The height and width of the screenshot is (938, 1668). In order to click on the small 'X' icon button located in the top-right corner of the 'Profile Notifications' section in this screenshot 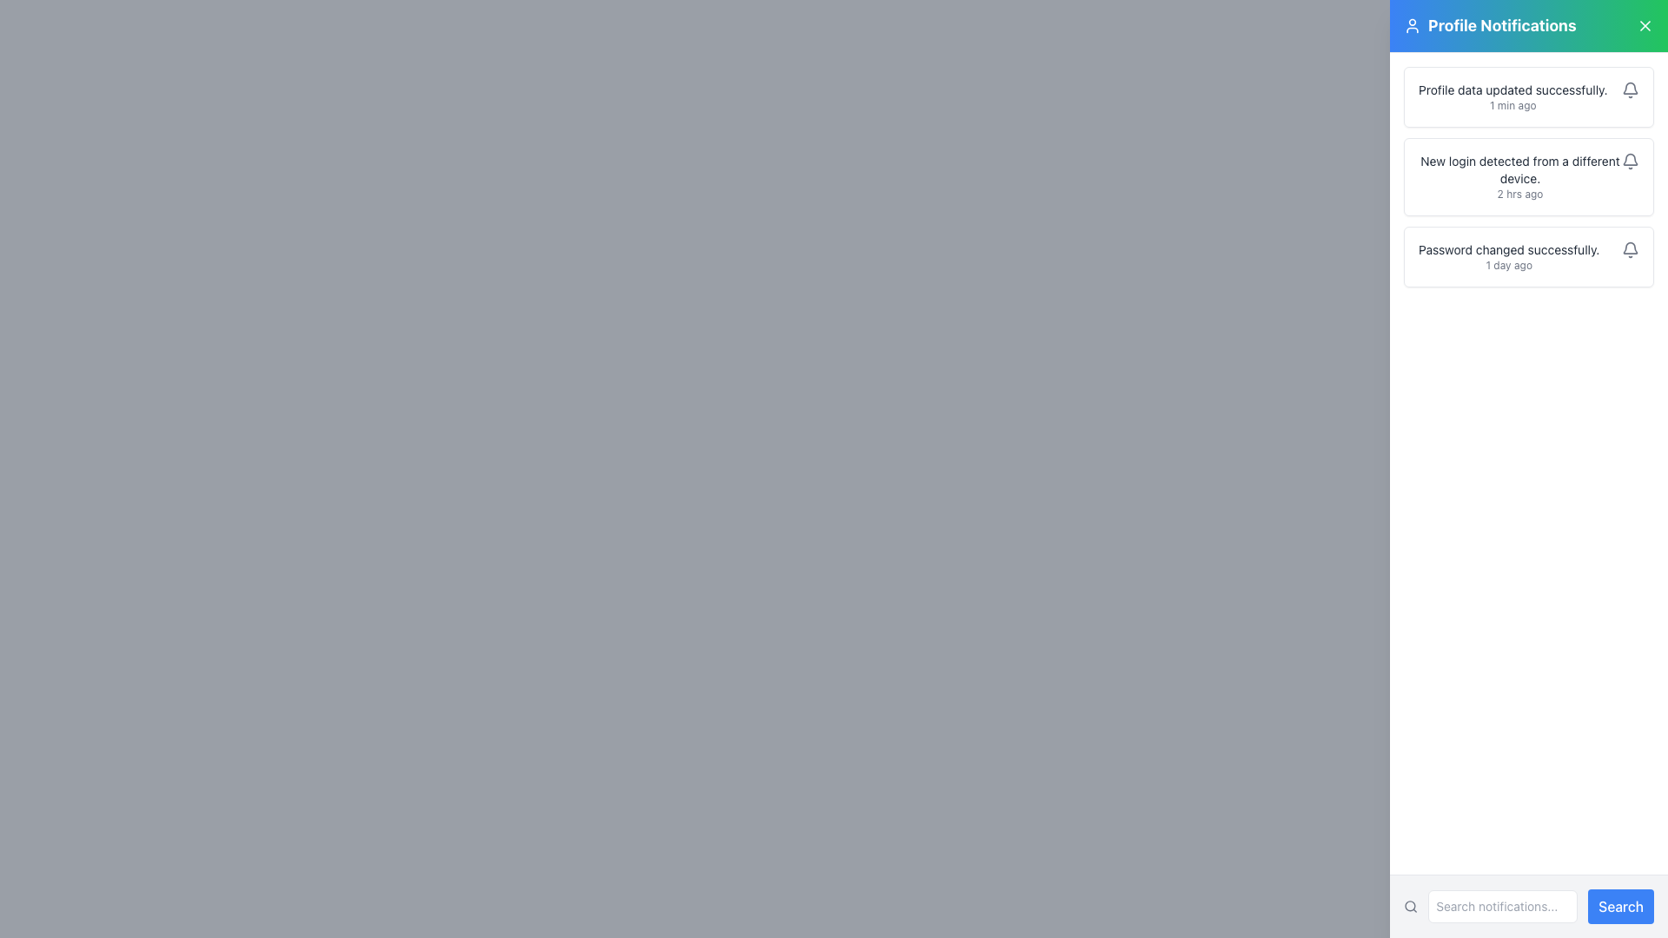, I will do `click(1645, 26)`.